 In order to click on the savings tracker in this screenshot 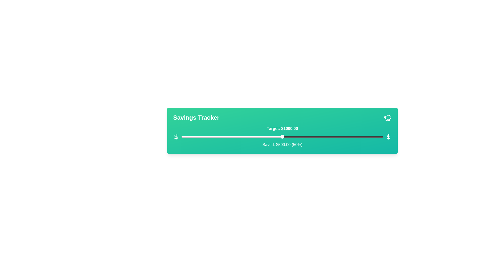, I will do `click(250, 137)`.